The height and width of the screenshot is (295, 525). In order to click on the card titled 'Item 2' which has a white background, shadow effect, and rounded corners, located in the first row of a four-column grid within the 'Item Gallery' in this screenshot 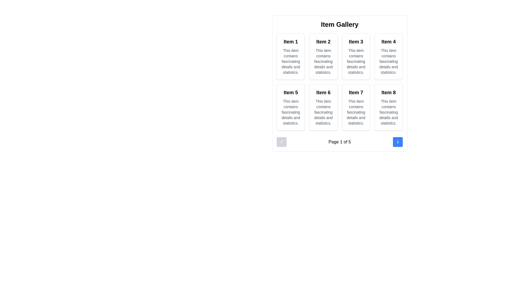, I will do `click(323, 57)`.